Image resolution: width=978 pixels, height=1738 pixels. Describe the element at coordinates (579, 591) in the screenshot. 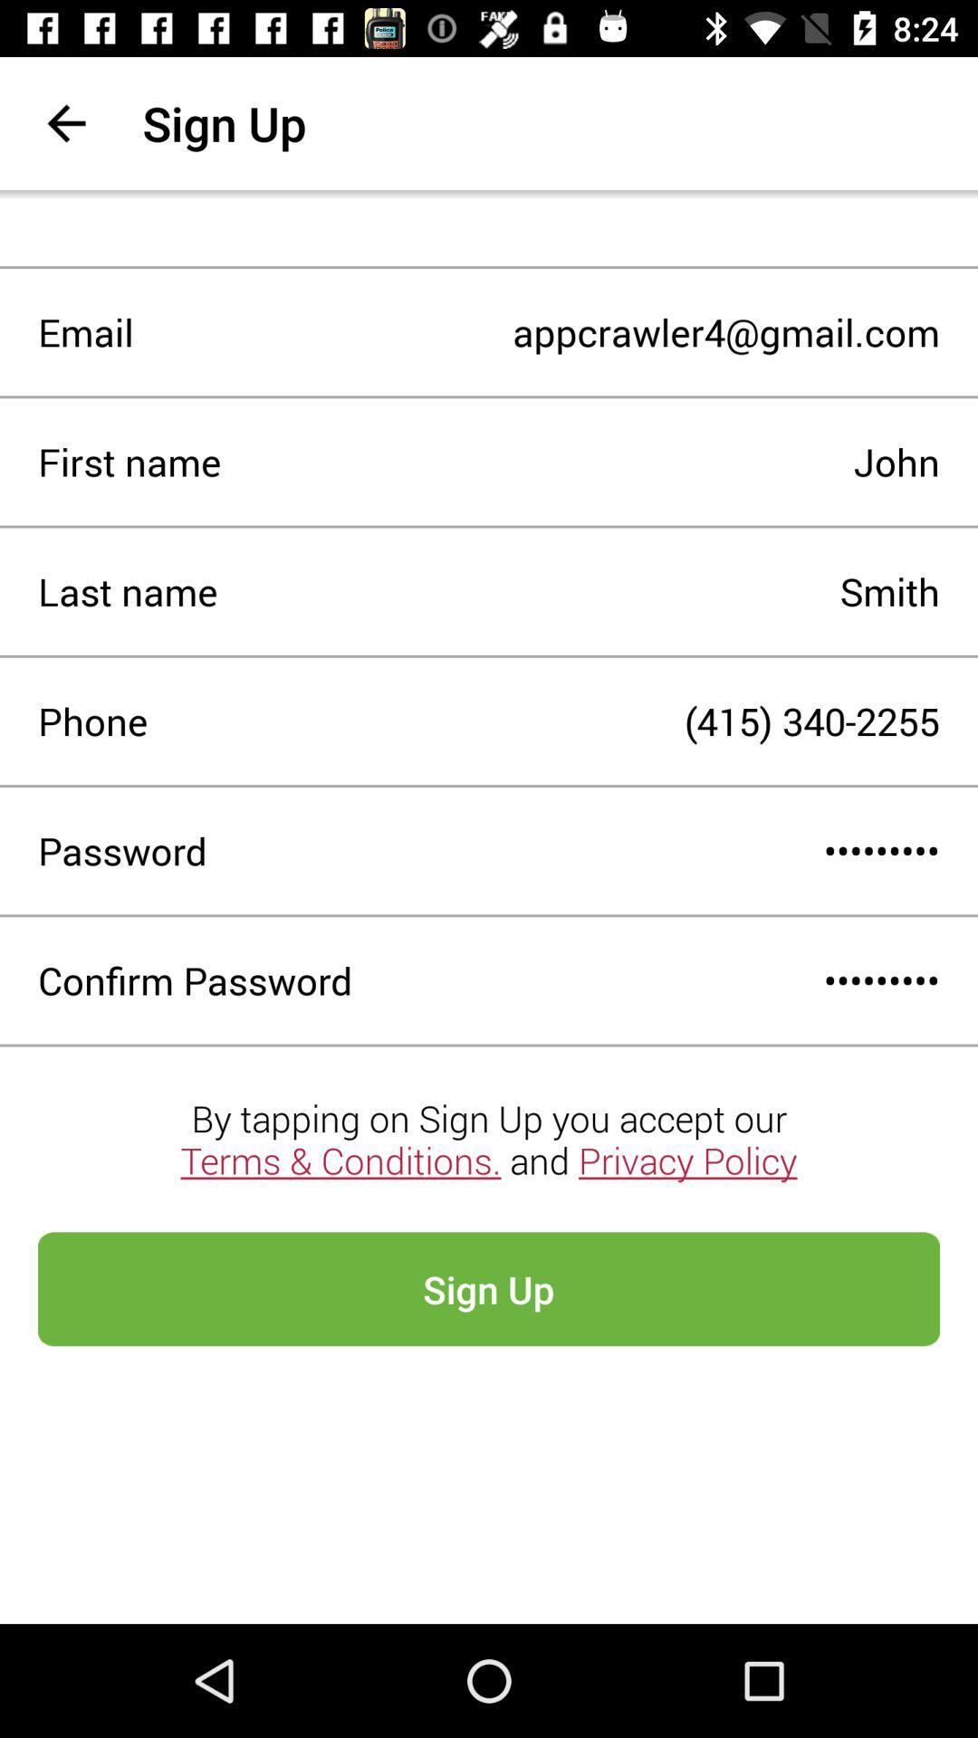

I see `icon next to the last name icon` at that location.